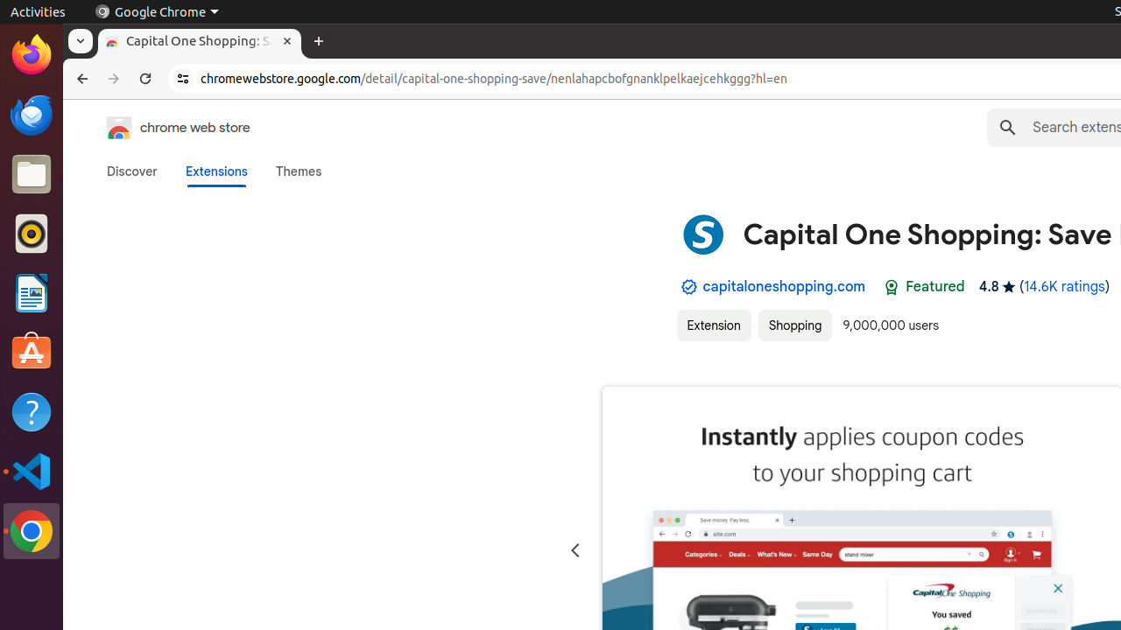  What do you see at coordinates (31, 470) in the screenshot?
I see `'Visual Studio Code'` at bounding box center [31, 470].